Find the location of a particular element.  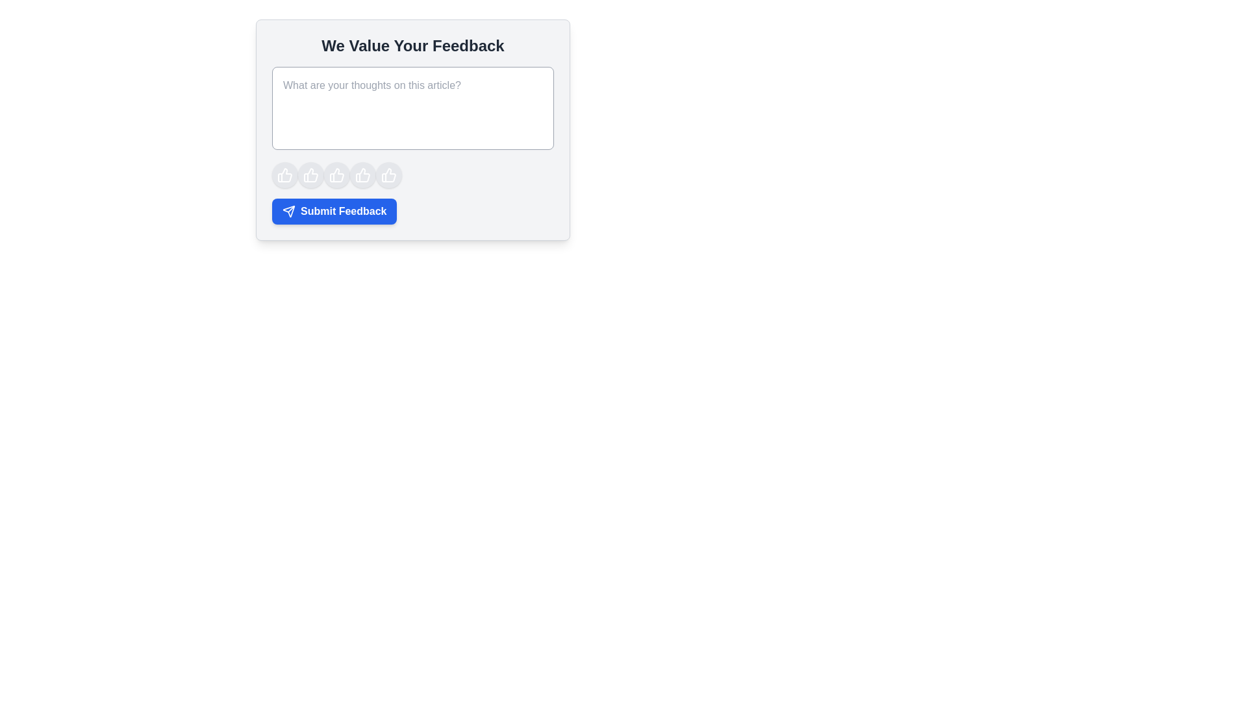

the interactive thumbs-up button, which is the fifth element in a horizontal row of circular buttons is located at coordinates (388, 175).